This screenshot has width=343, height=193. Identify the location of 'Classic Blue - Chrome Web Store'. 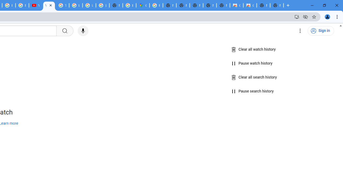
(236, 5).